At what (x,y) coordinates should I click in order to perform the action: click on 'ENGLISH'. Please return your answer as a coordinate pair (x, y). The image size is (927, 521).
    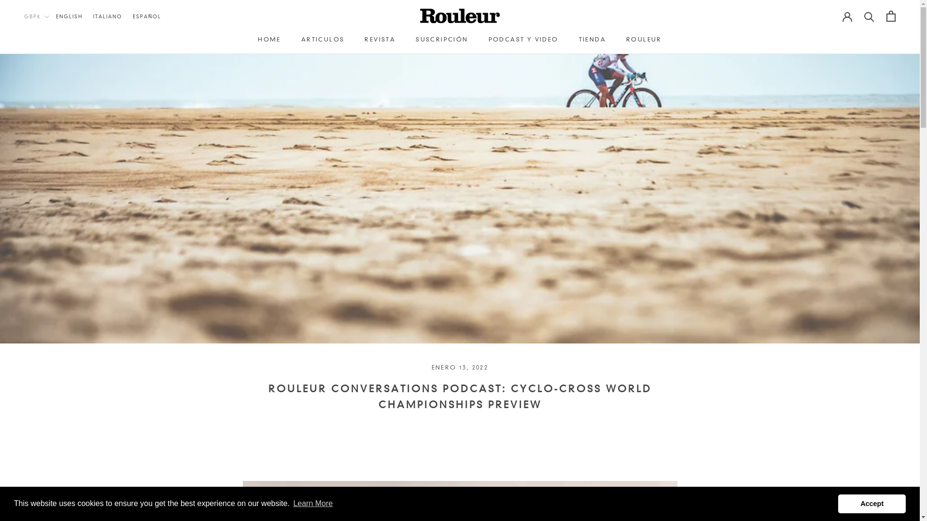
    Looking at the image, I should click on (55, 16).